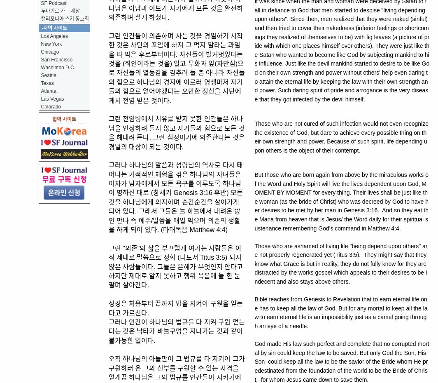 Image resolution: width=438 pixels, height=383 pixels. What do you see at coordinates (175, 266) in the screenshot?
I see `'그런 "의존"의 삶을 부끄럽게 여기는 사람들은 아직 제대로 말씀으로 정화 										(디도서 Titus 3:5) 되지 않은 사람들이다. 그들은 은혜가 										무엇인지 안다고 하지만 제대로 알지 못하고 행위 복음에 늘 한 눈 팔며 										살아간다.'` at bounding box center [175, 266].